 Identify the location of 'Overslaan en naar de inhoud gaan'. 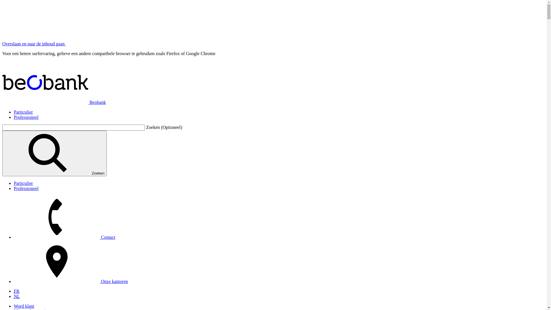
(34, 43).